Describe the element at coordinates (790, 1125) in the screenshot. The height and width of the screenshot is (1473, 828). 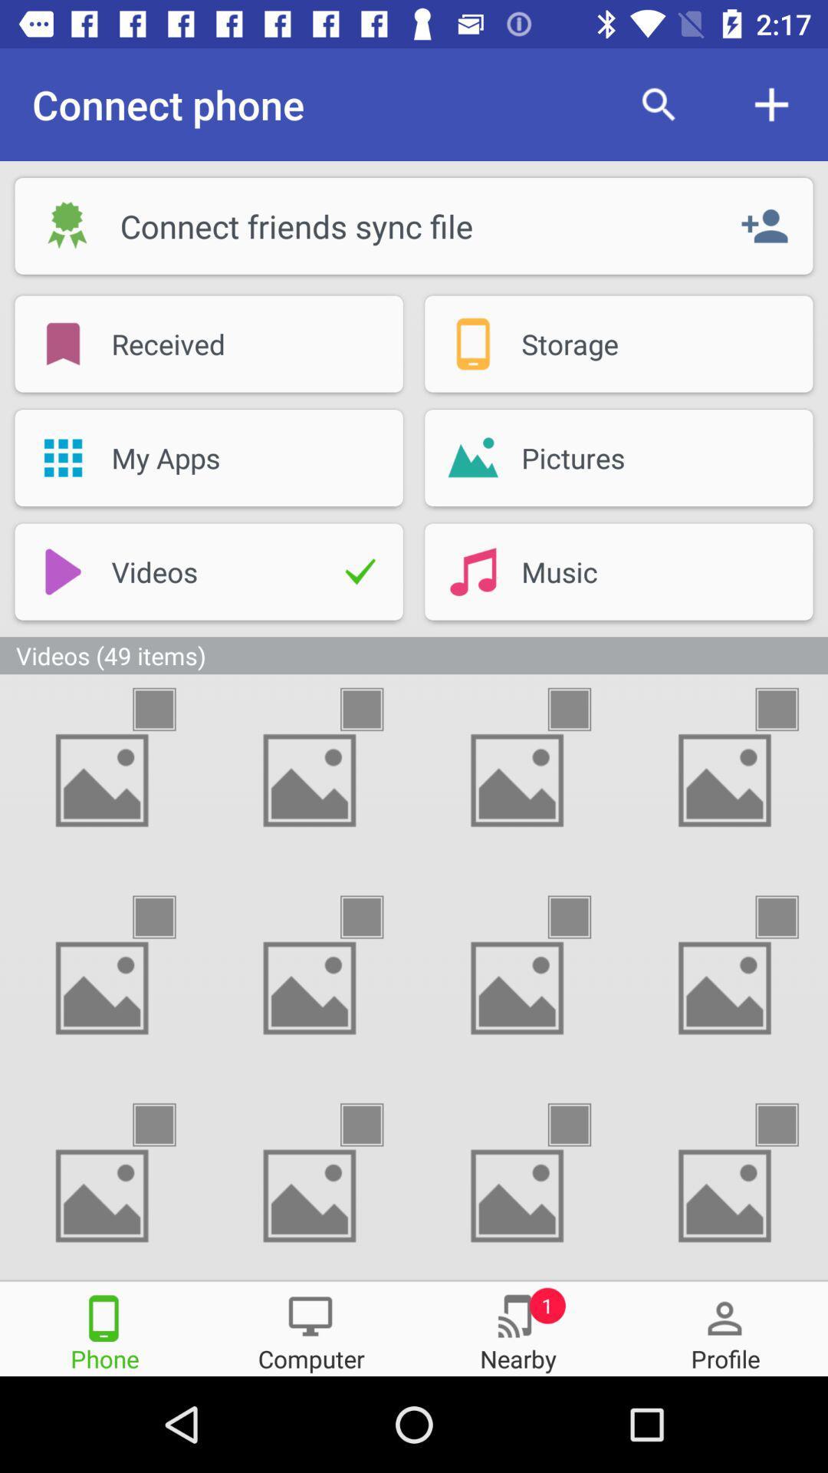
I see `picture` at that location.